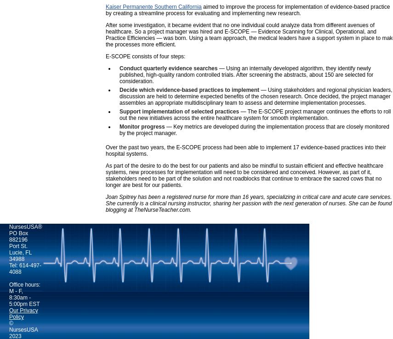  What do you see at coordinates (9, 294) in the screenshot?
I see `'Office hours: M - F, 
		8:30am - 5:00pm EST'` at bounding box center [9, 294].